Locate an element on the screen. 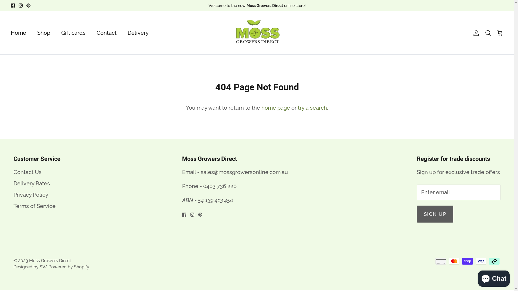 This screenshot has height=291, width=518. 'Instagram' is located at coordinates (192, 214).